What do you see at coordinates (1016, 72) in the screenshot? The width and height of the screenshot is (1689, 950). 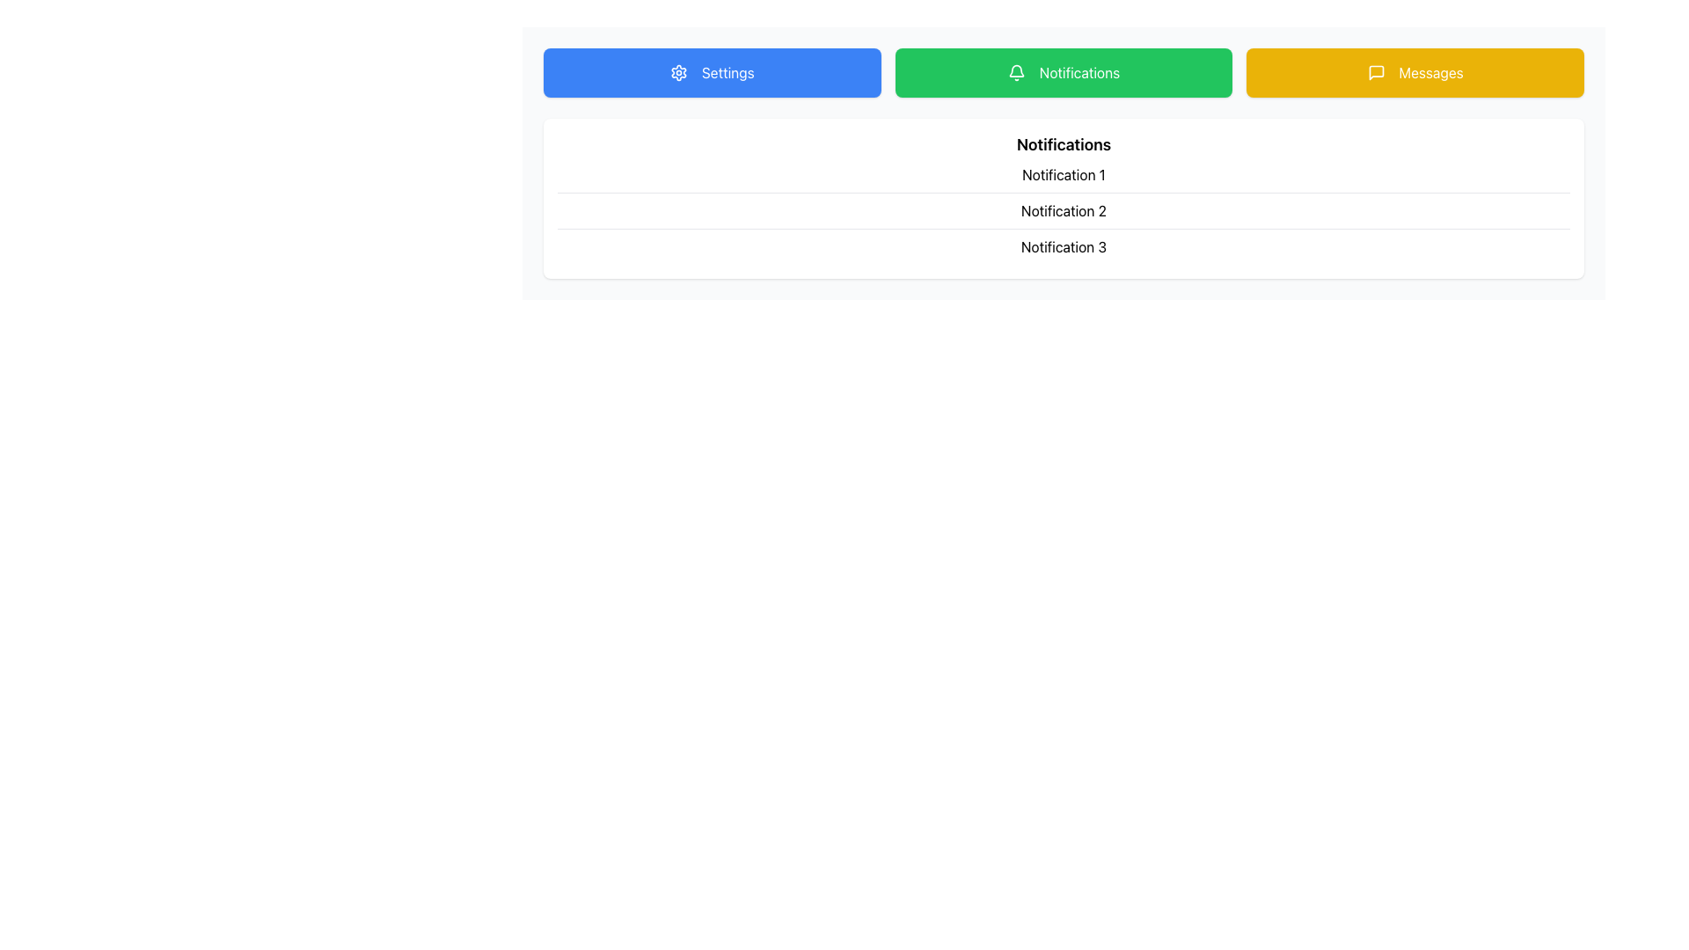 I see `the bell icon within the 'Notifications' button for accessibility` at bounding box center [1016, 72].